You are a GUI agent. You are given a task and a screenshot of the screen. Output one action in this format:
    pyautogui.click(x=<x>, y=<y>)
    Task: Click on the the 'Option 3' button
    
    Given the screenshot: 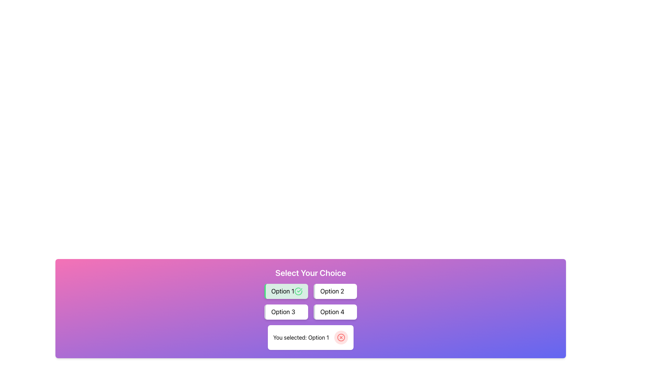 What is the action you would take?
    pyautogui.click(x=286, y=312)
    